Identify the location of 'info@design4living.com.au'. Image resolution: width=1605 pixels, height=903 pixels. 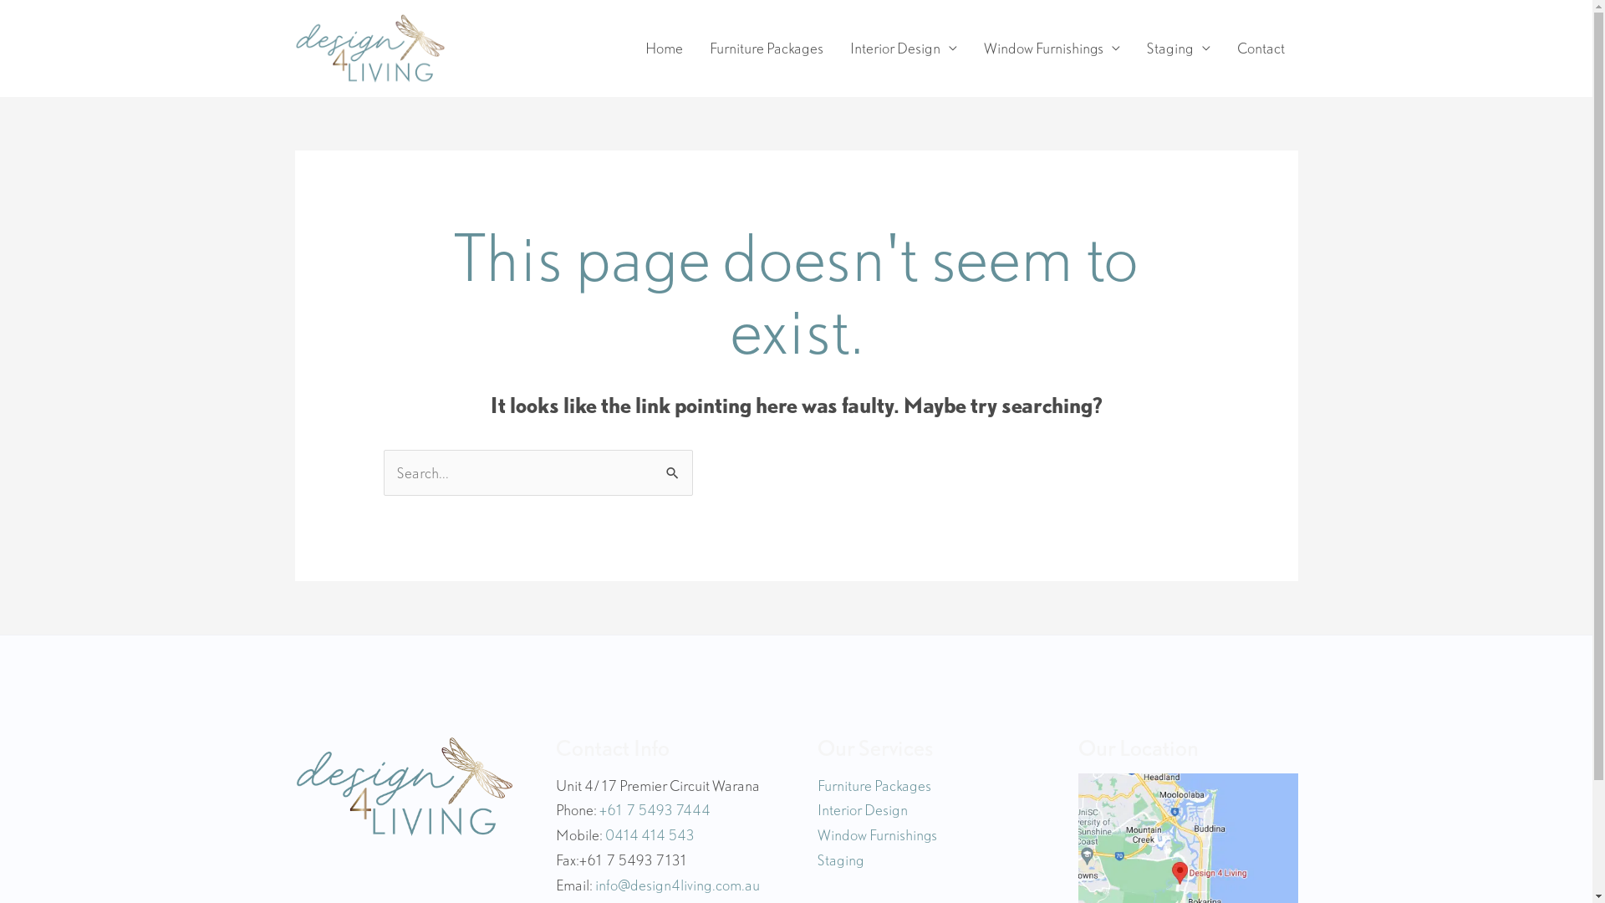
(677, 884).